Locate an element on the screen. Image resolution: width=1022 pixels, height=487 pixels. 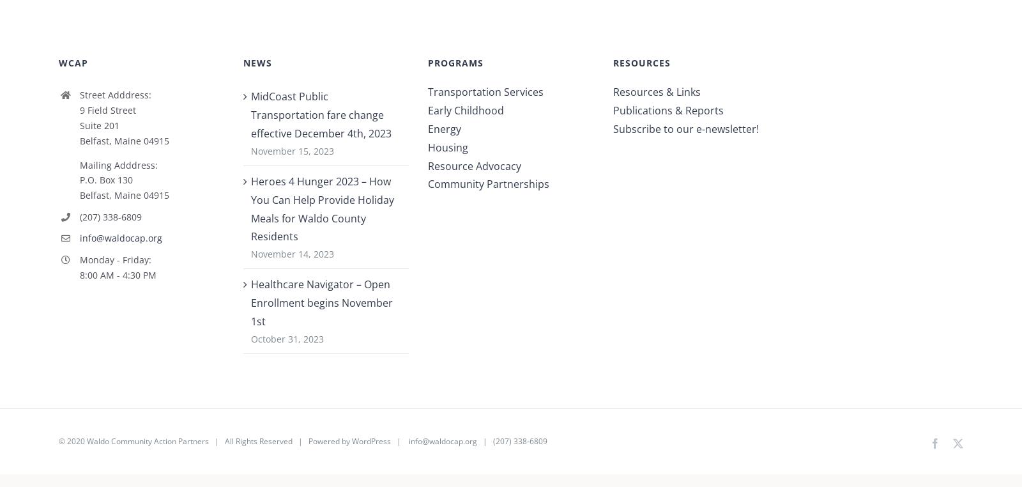
'WordPress' is located at coordinates (370, 445).